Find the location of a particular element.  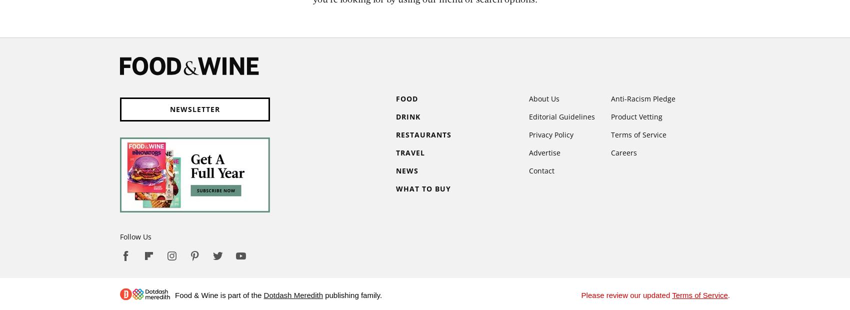

'Restaurants' is located at coordinates (423, 134).